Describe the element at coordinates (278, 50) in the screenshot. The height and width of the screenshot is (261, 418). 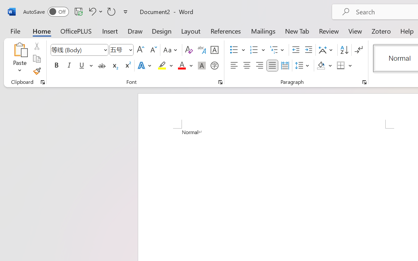
I see `'Multilevel List'` at that location.